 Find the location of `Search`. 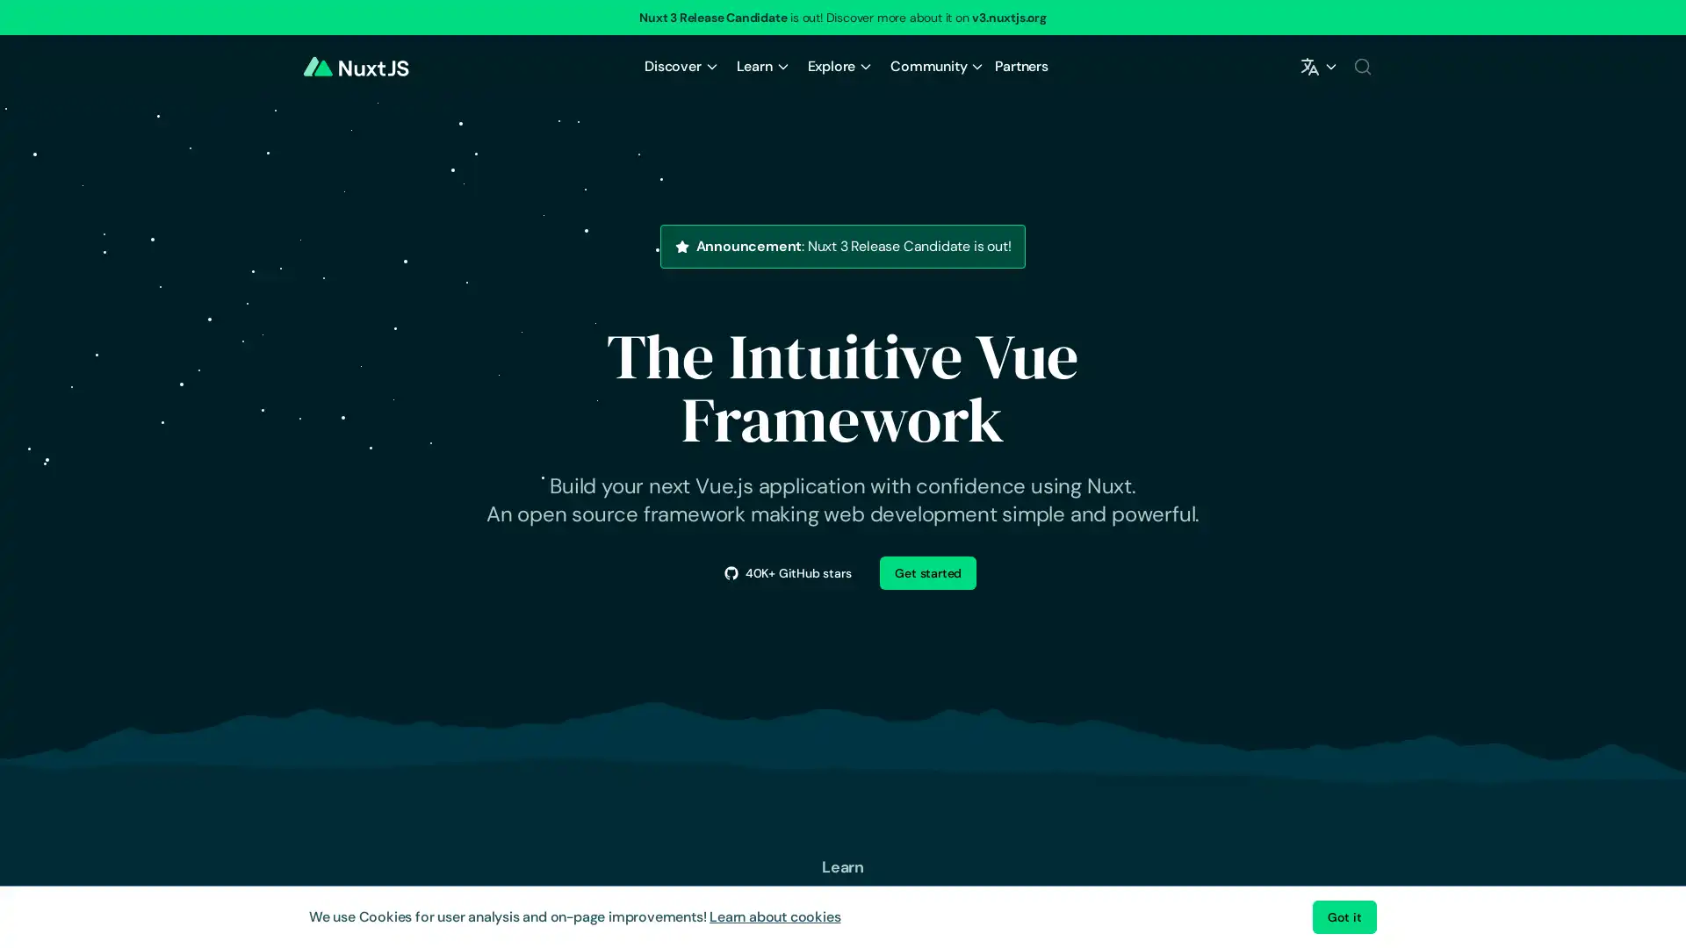

Search is located at coordinates (1361, 66).